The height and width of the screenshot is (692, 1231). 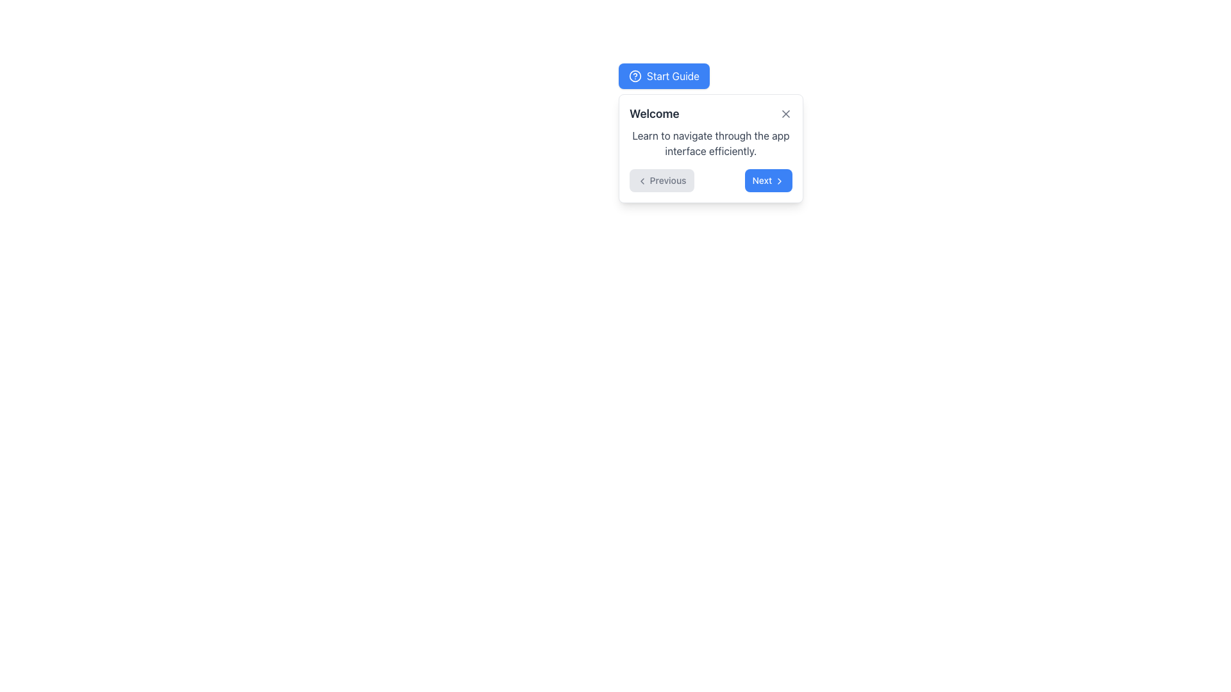 What do you see at coordinates (662, 180) in the screenshot?
I see `the leftmost navigation button located at the bottom of the white card interface` at bounding box center [662, 180].